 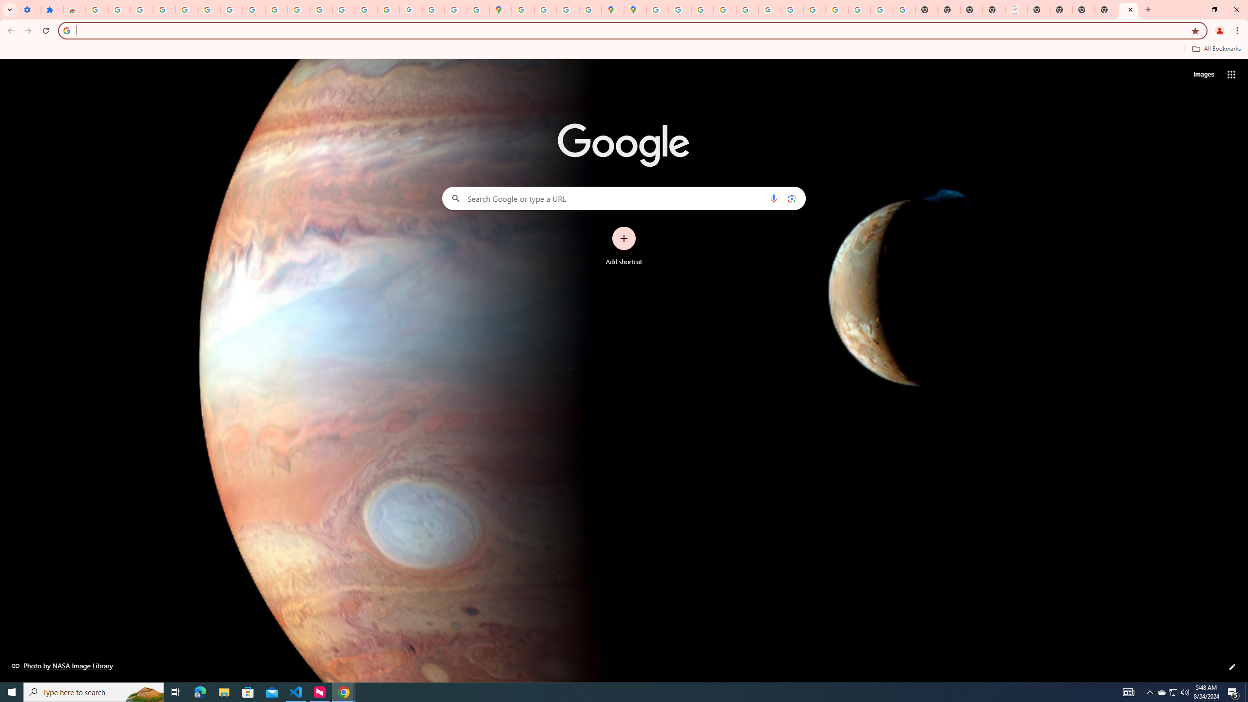 What do you see at coordinates (501, 9) in the screenshot?
I see `'Google Maps'` at bounding box center [501, 9].